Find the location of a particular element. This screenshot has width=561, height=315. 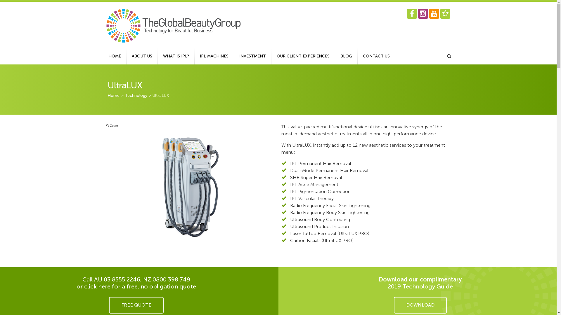

'Facebook' is located at coordinates (411, 13).